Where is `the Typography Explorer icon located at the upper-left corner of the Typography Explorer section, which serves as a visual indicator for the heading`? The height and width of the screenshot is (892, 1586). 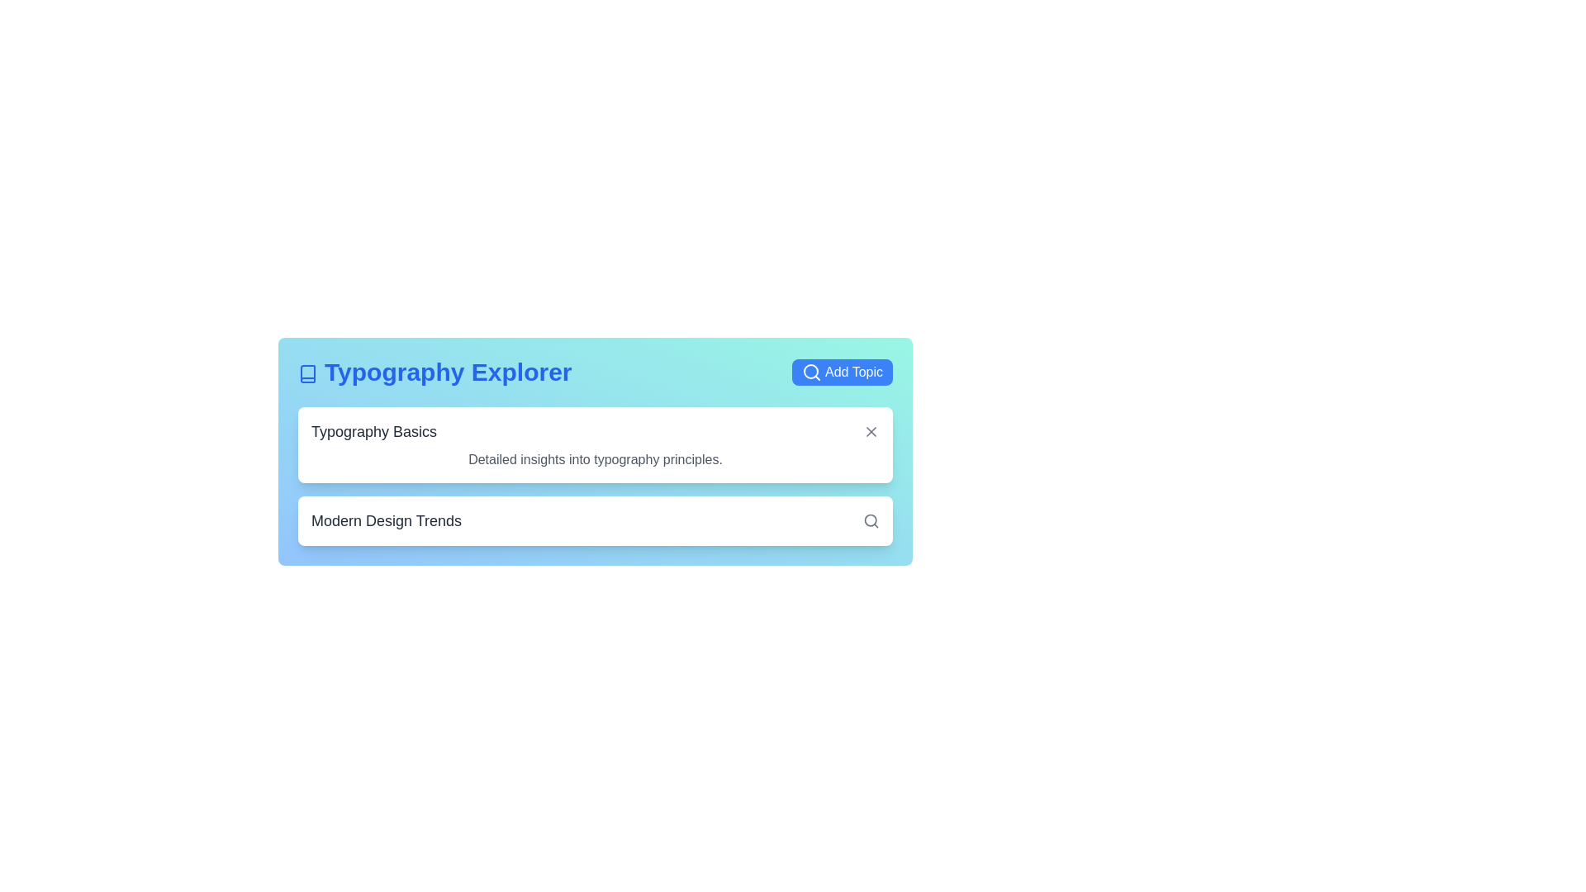 the Typography Explorer icon located at the upper-left corner of the Typography Explorer section, which serves as a visual indicator for the heading is located at coordinates (308, 373).